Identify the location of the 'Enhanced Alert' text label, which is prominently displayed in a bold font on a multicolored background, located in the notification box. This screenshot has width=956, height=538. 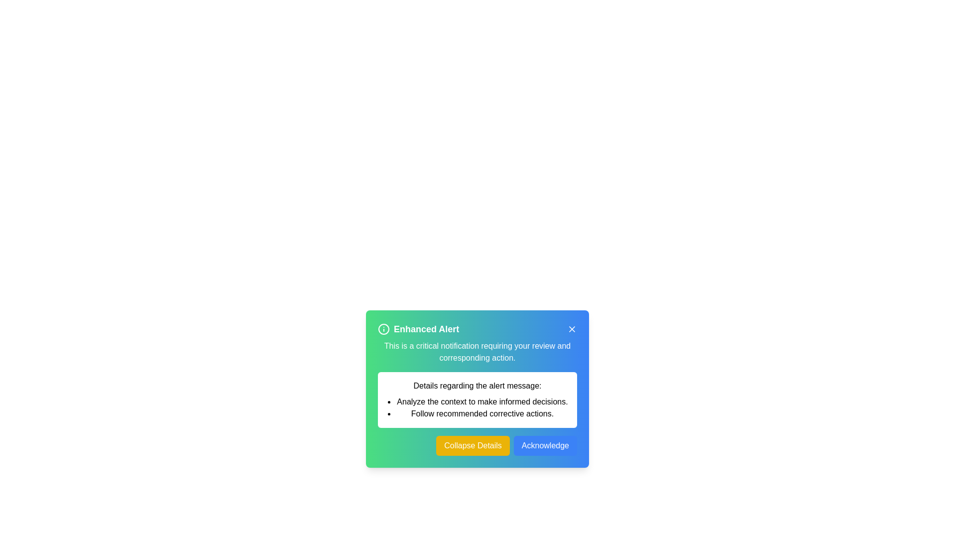
(426, 329).